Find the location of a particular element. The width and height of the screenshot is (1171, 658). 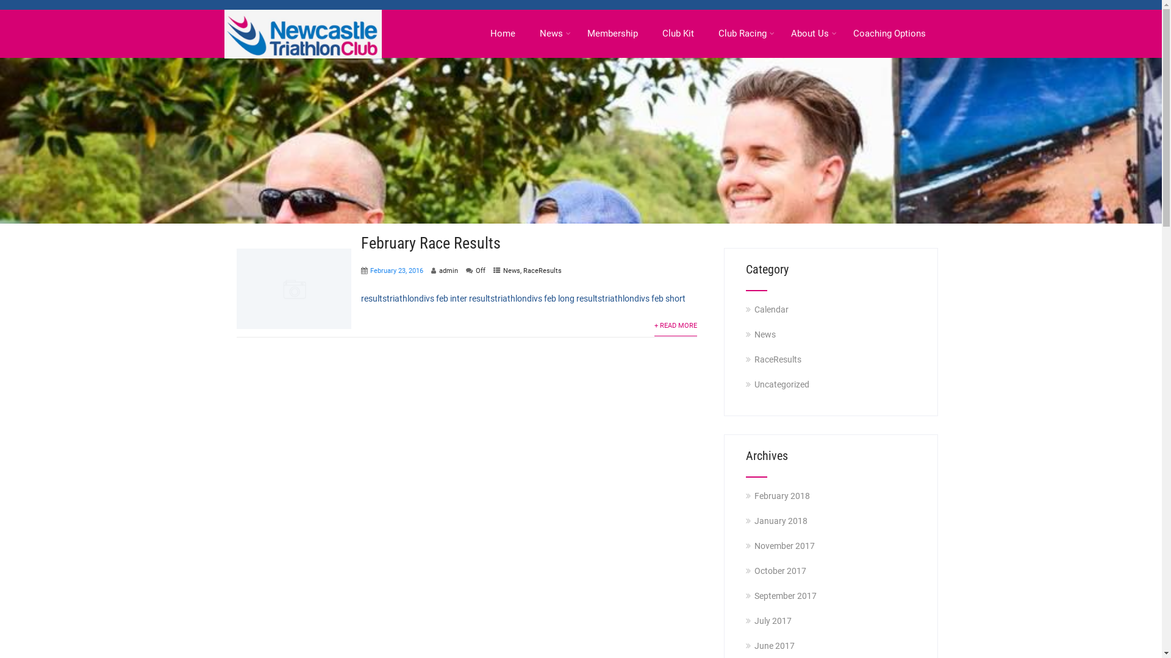

'admin' is located at coordinates (448, 270).